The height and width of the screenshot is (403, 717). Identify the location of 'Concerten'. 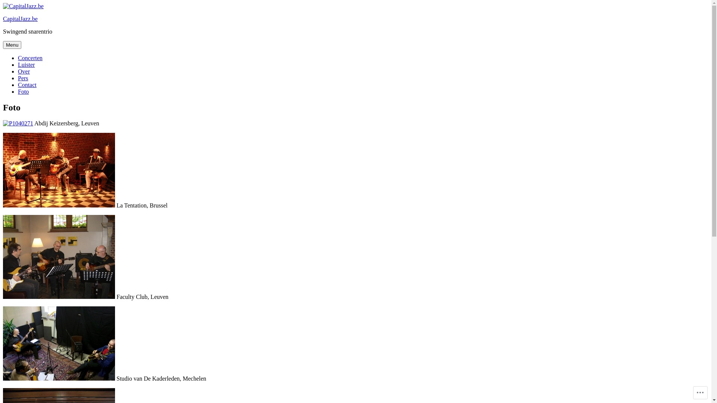
(18, 57).